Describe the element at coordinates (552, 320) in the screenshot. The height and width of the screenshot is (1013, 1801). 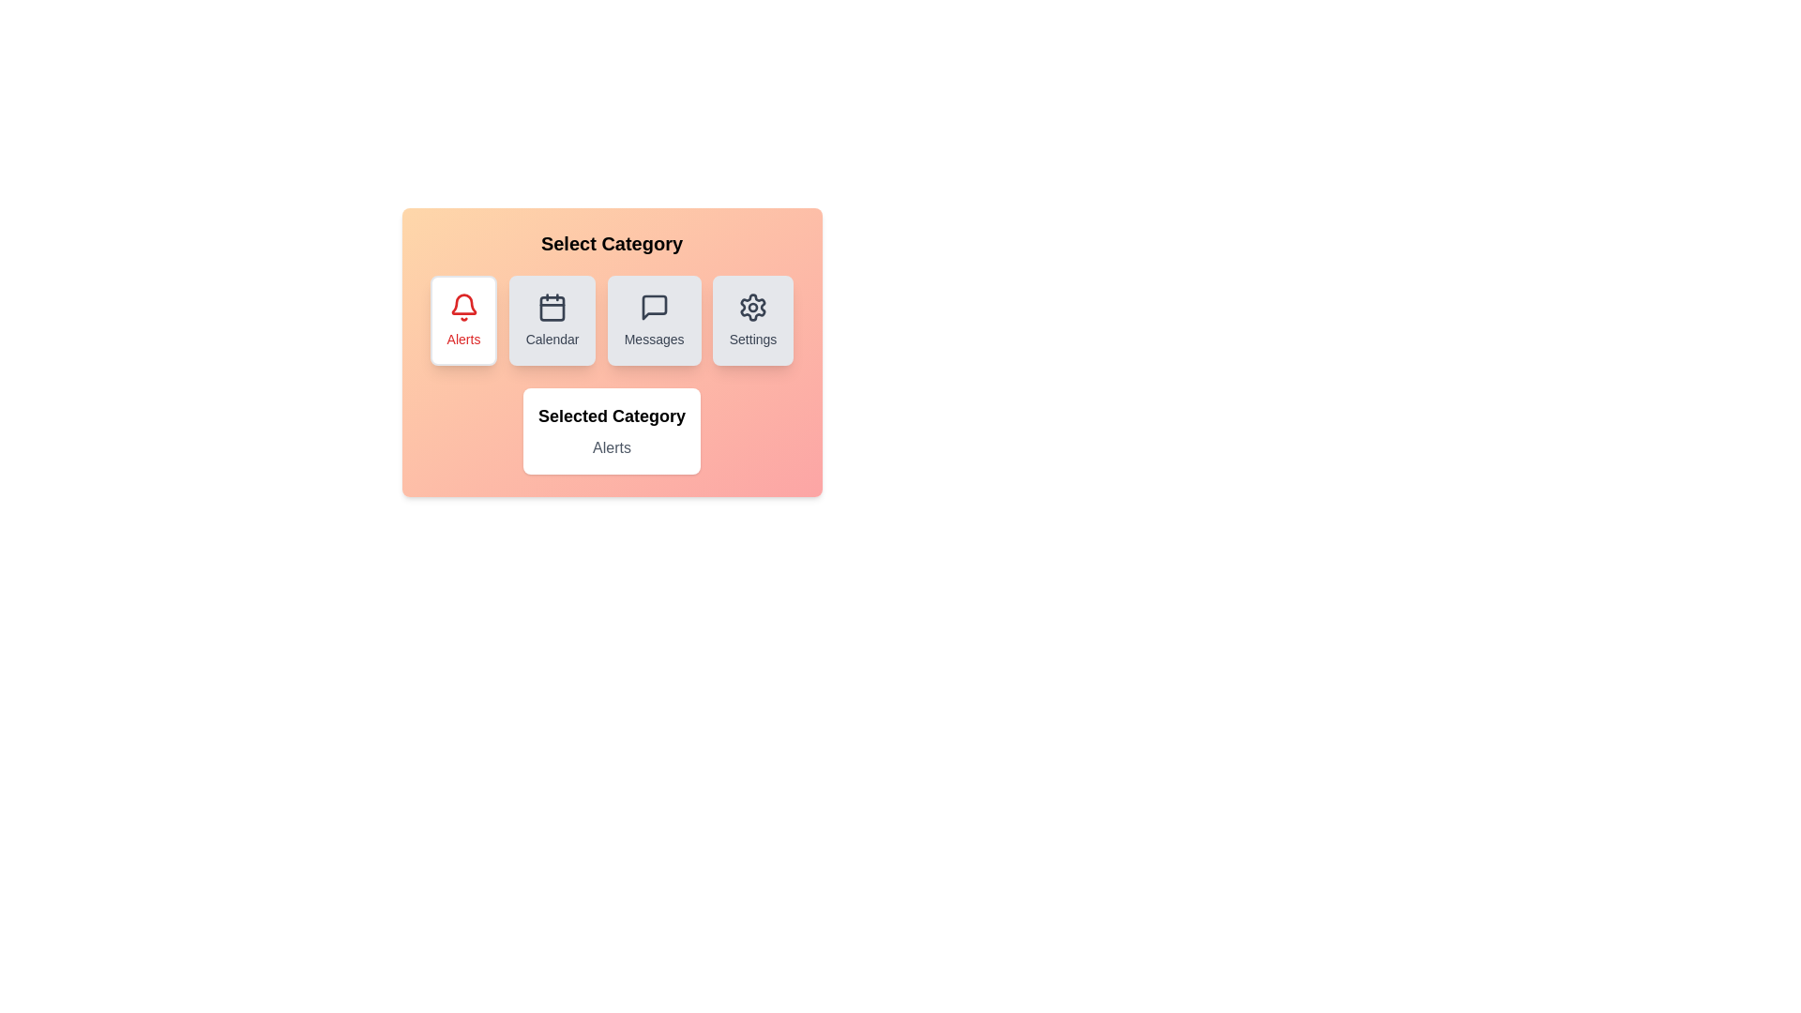
I see `the 'Calendar' button to select the 'Calendar' category` at that location.